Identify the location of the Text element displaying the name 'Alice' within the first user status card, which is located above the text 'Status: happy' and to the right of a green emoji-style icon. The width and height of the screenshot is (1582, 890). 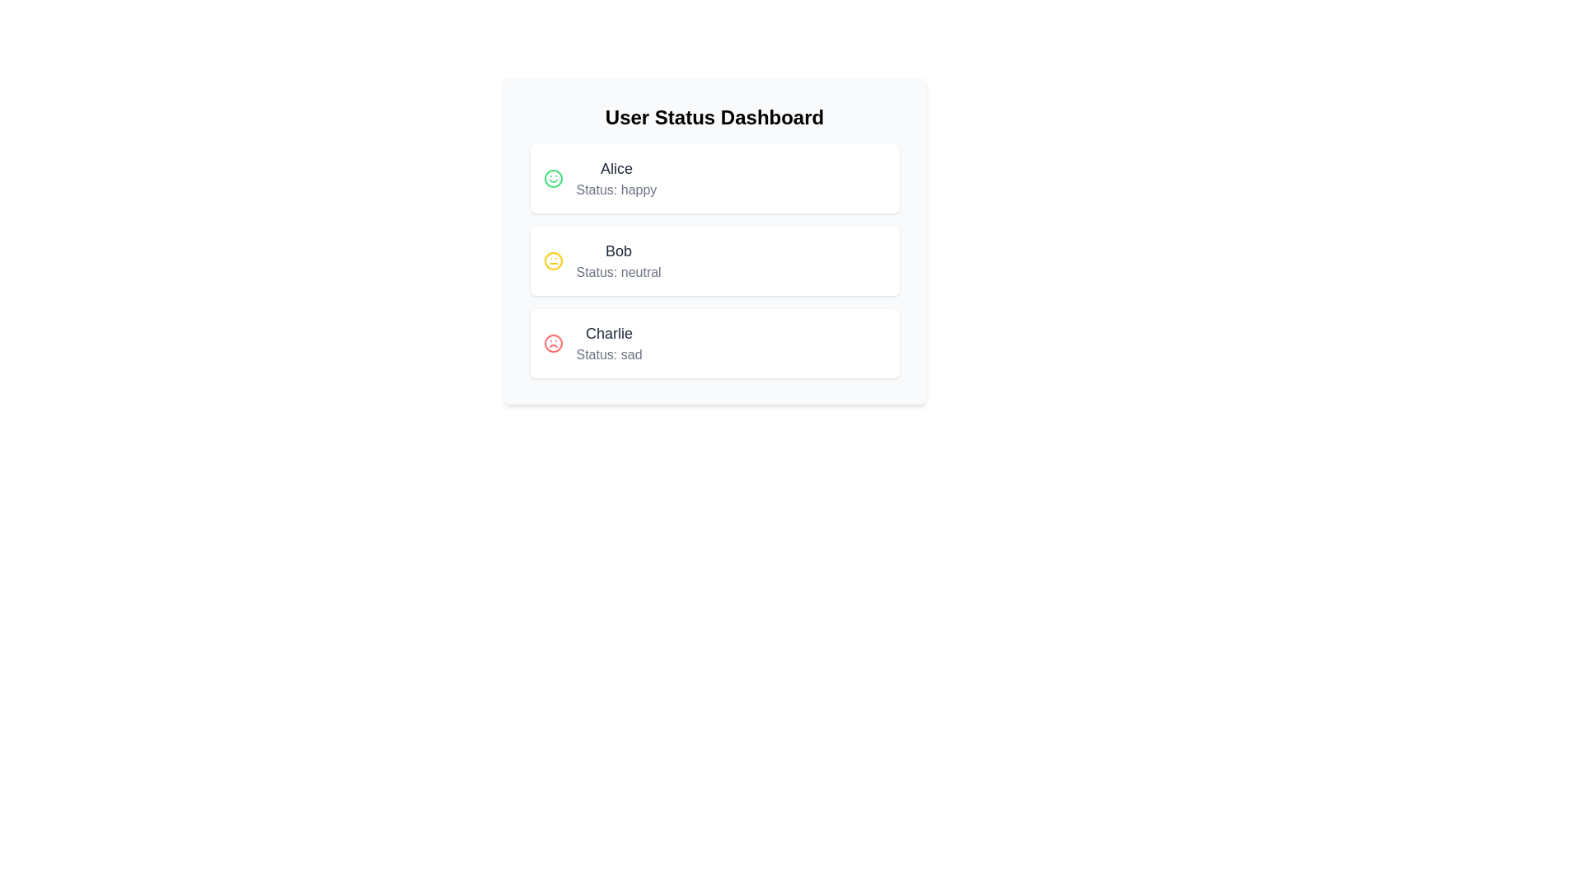
(615, 168).